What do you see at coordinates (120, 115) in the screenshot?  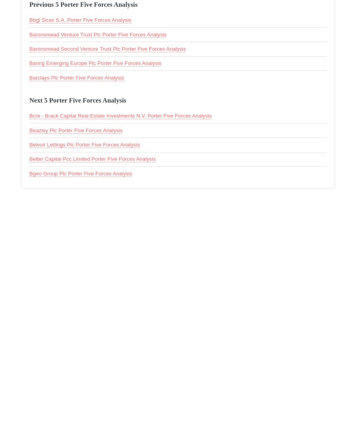 I see `'Bcre - Brack Capital Real Estate Investments N.V. Porter Five Forces Analysis'` at bounding box center [120, 115].